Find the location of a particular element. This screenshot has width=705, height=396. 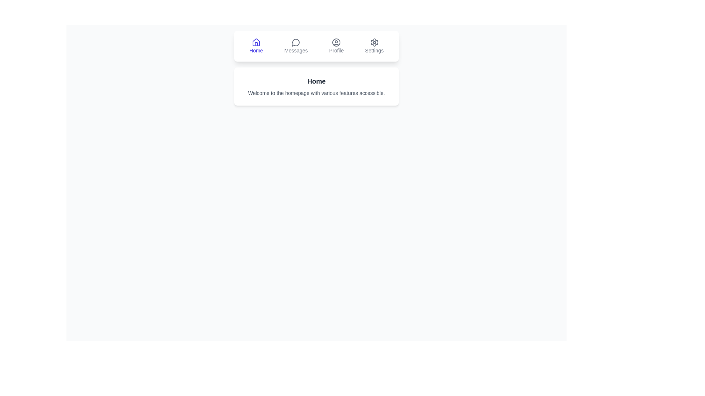

the tab labeled Home to view its description is located at coordinates (256, 46).